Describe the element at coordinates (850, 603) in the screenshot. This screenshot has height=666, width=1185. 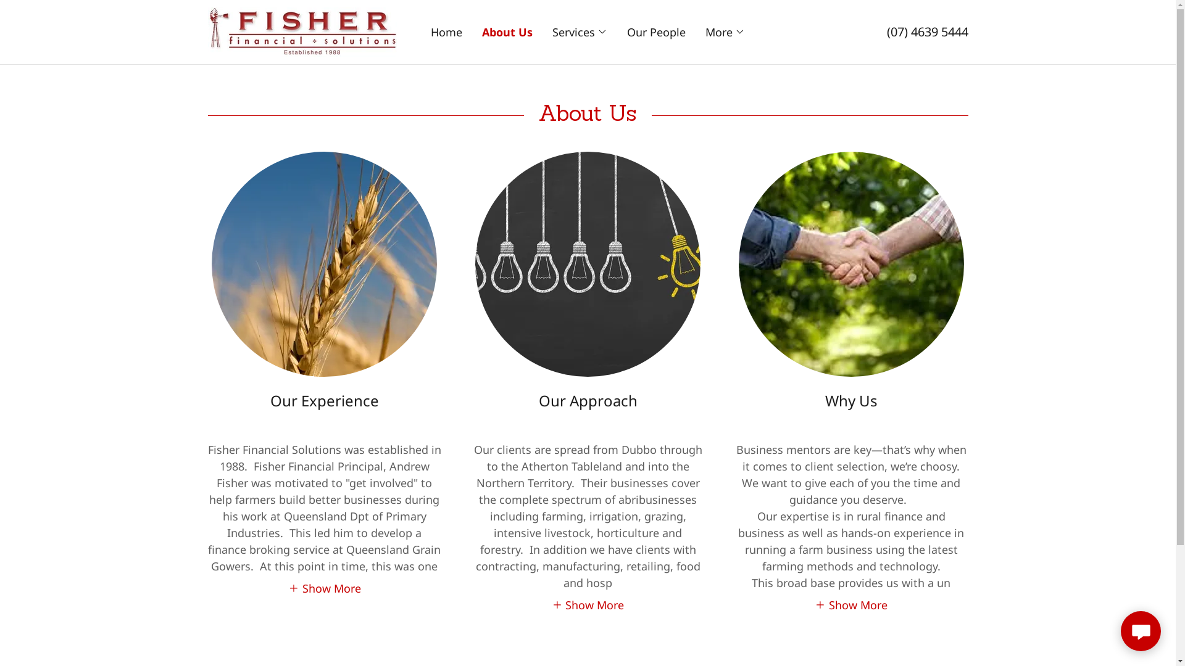
I see `'Show More'` at that location.